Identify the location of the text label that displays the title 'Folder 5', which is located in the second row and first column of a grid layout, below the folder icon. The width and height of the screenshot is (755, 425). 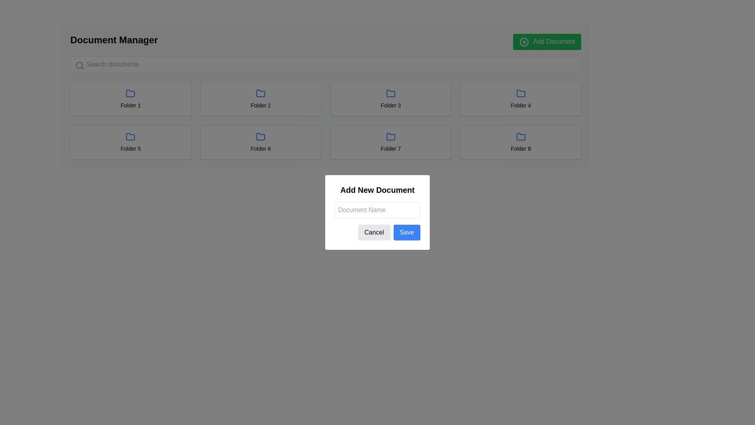
(131, 148).